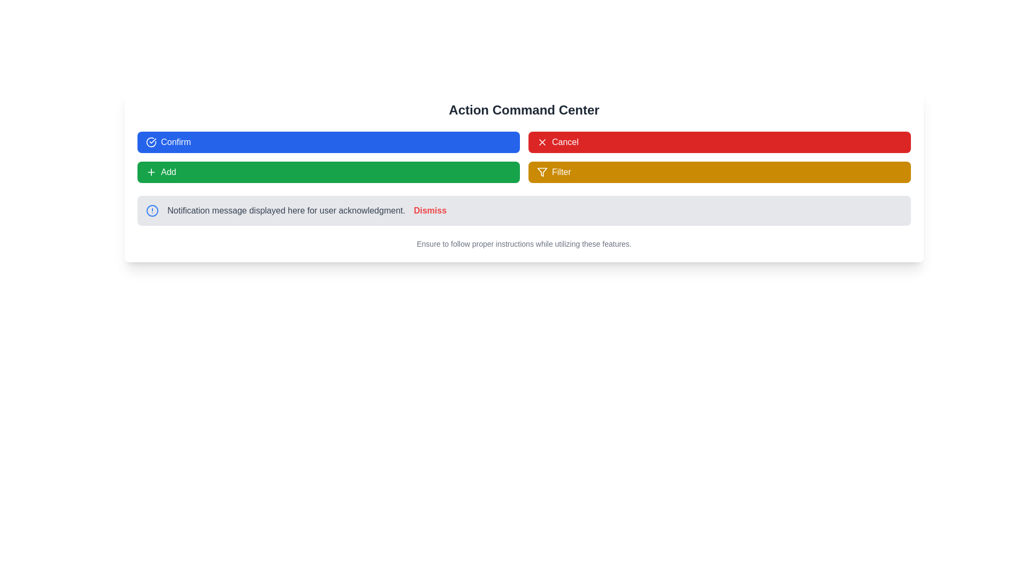 The height and width of the screenshot is (578, 1027). I want to click on the label inside the 'Cancel' button, which is positioned second in a horizontal button bar next to the 'Confirm' and 'Filter' buttons, so click(564, 142).